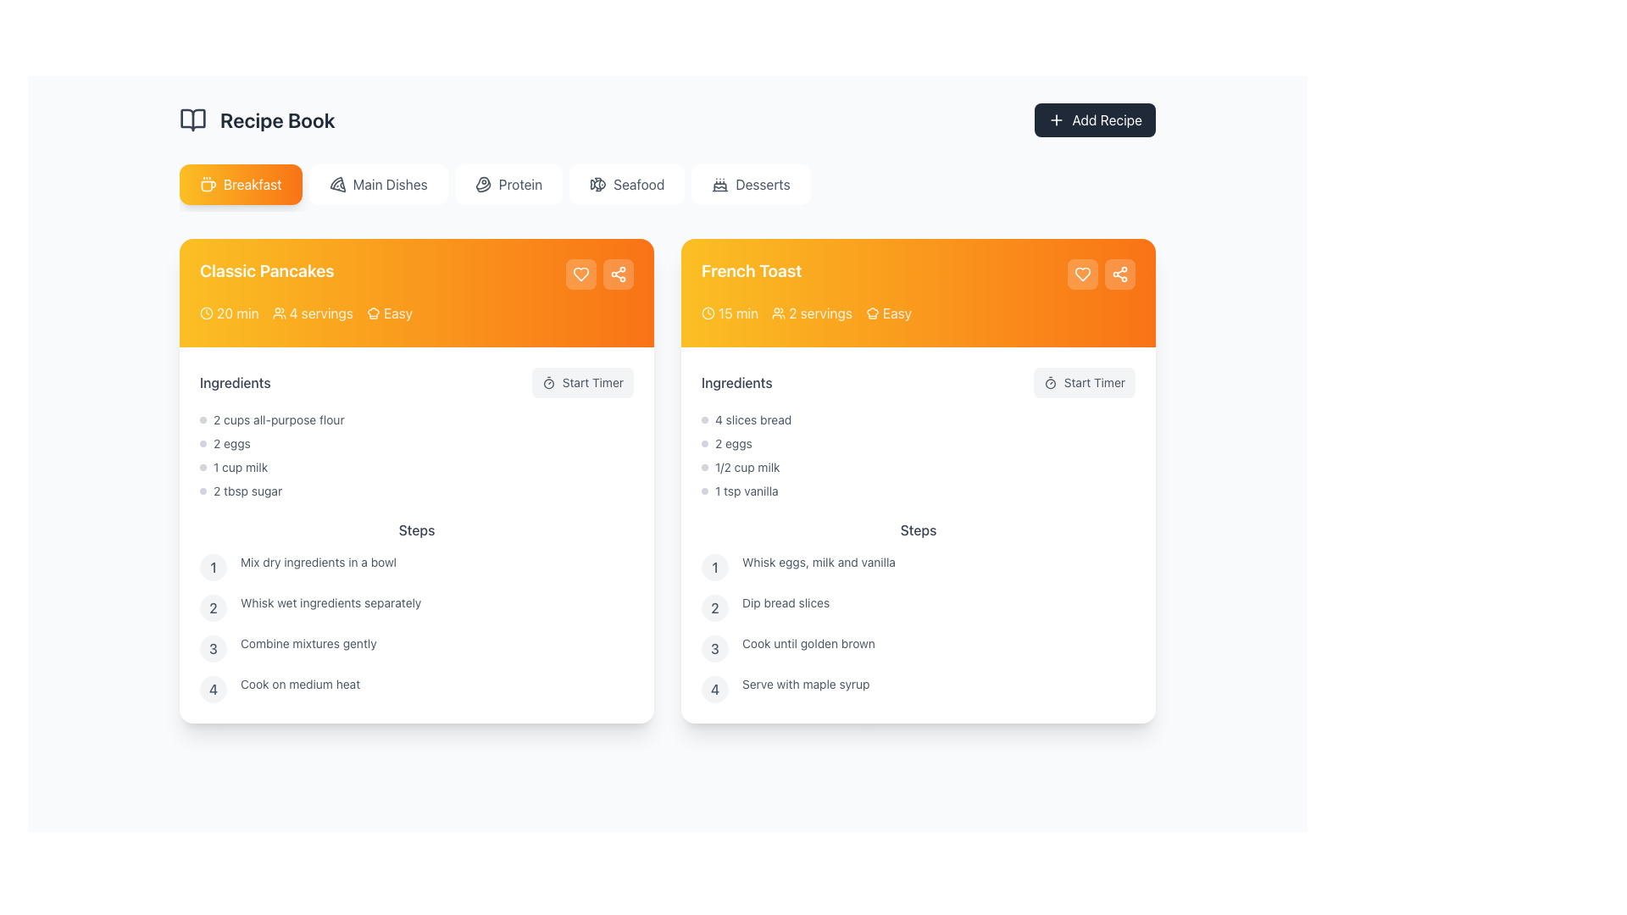 Image resolution: width=1627 pixels, height=915 pixels. What do you see at coordinates (918, 689) in the screenshot?
I see `the fourth step marker in the list for preparing French Toast, which details 'Serve with maple syrup'` at bounding box center [918, 689].